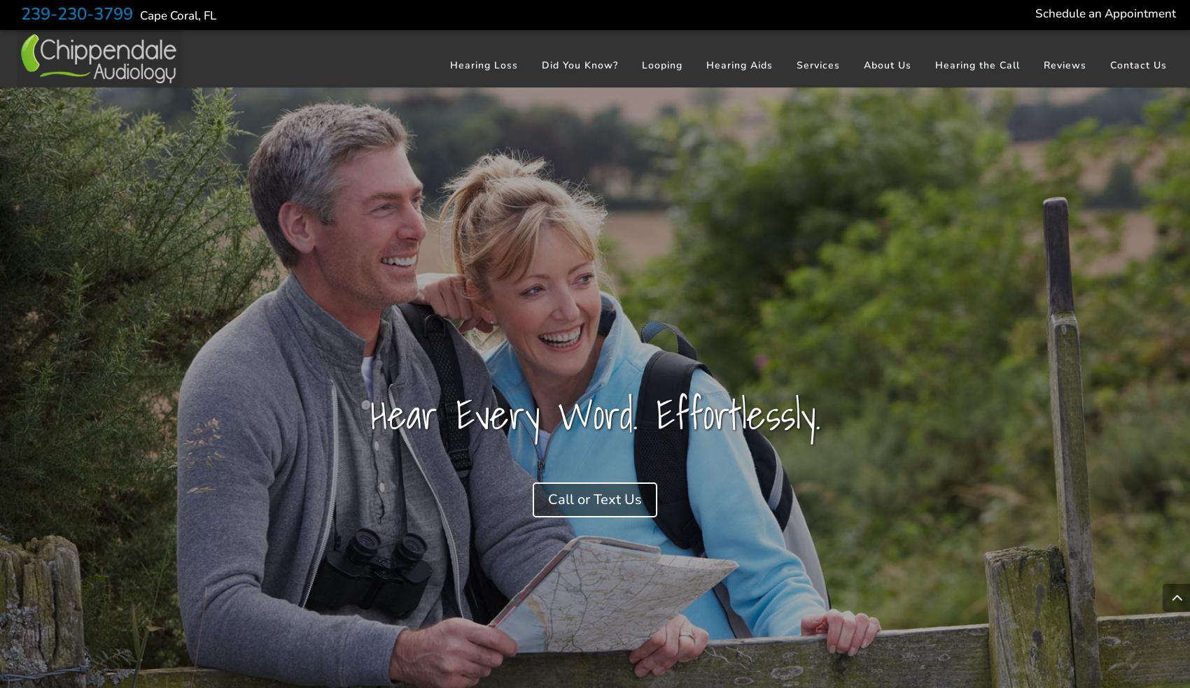 The height and width of the screenshot is (688, 1190). I want to click on 'Noise-induced Hearing Loss', so click(616, 123).